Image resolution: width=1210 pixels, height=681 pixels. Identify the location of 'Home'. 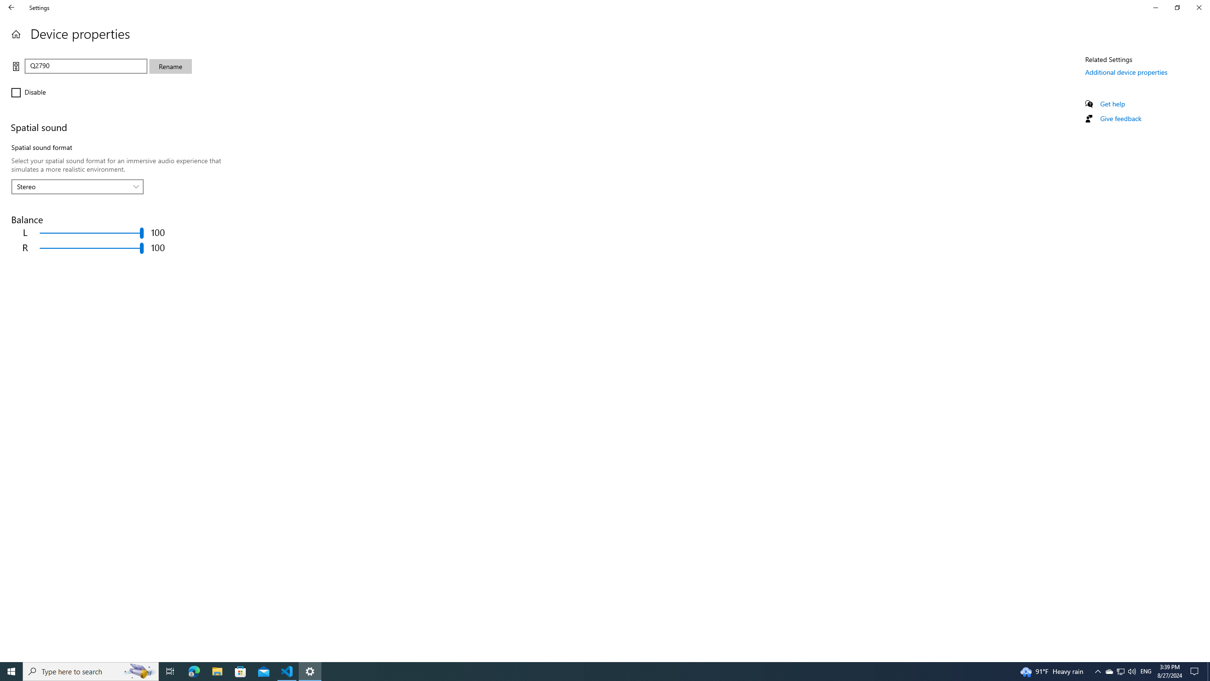
(16, 34).